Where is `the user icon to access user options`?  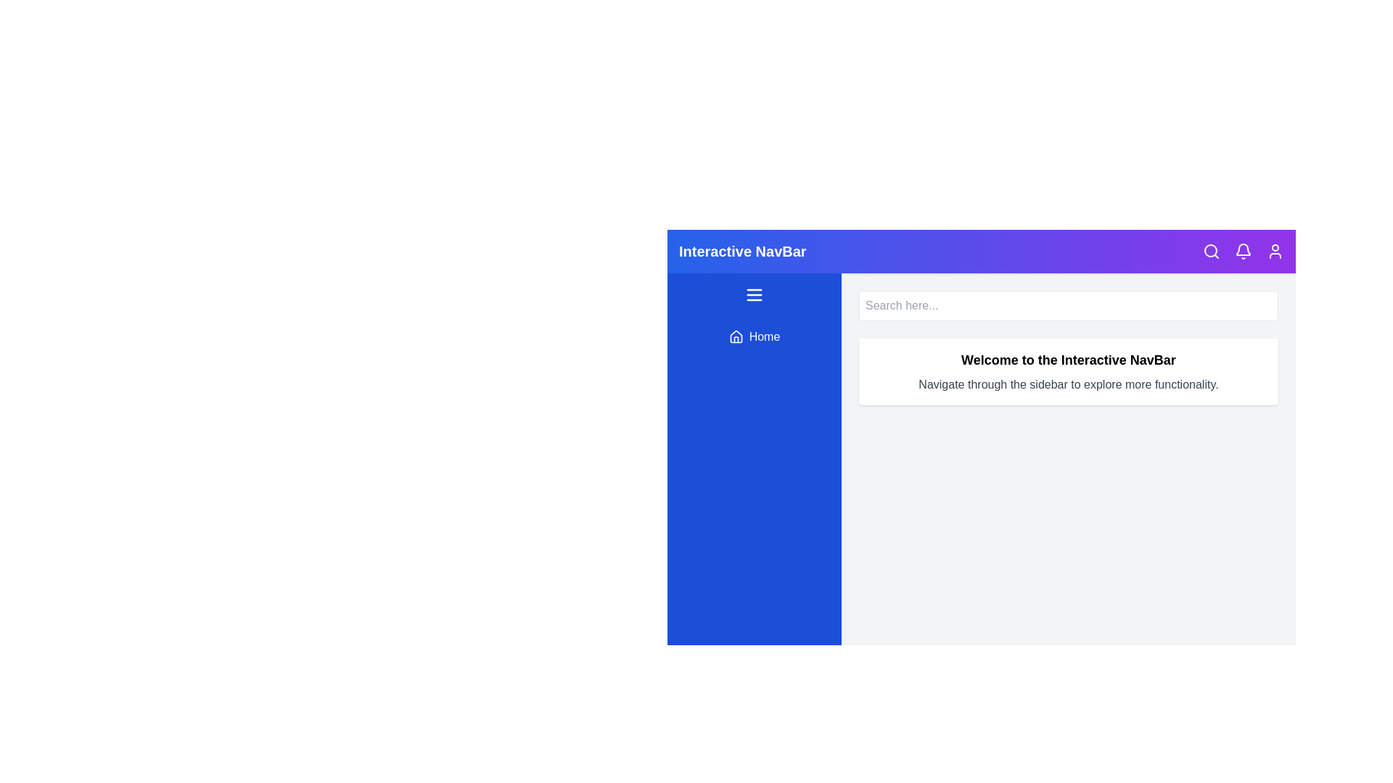 the user icon to access user options is located at coordinates (1274, 251).